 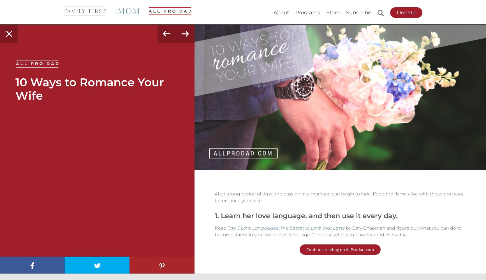 I want to click on 'About', so click(x=281, y=13).